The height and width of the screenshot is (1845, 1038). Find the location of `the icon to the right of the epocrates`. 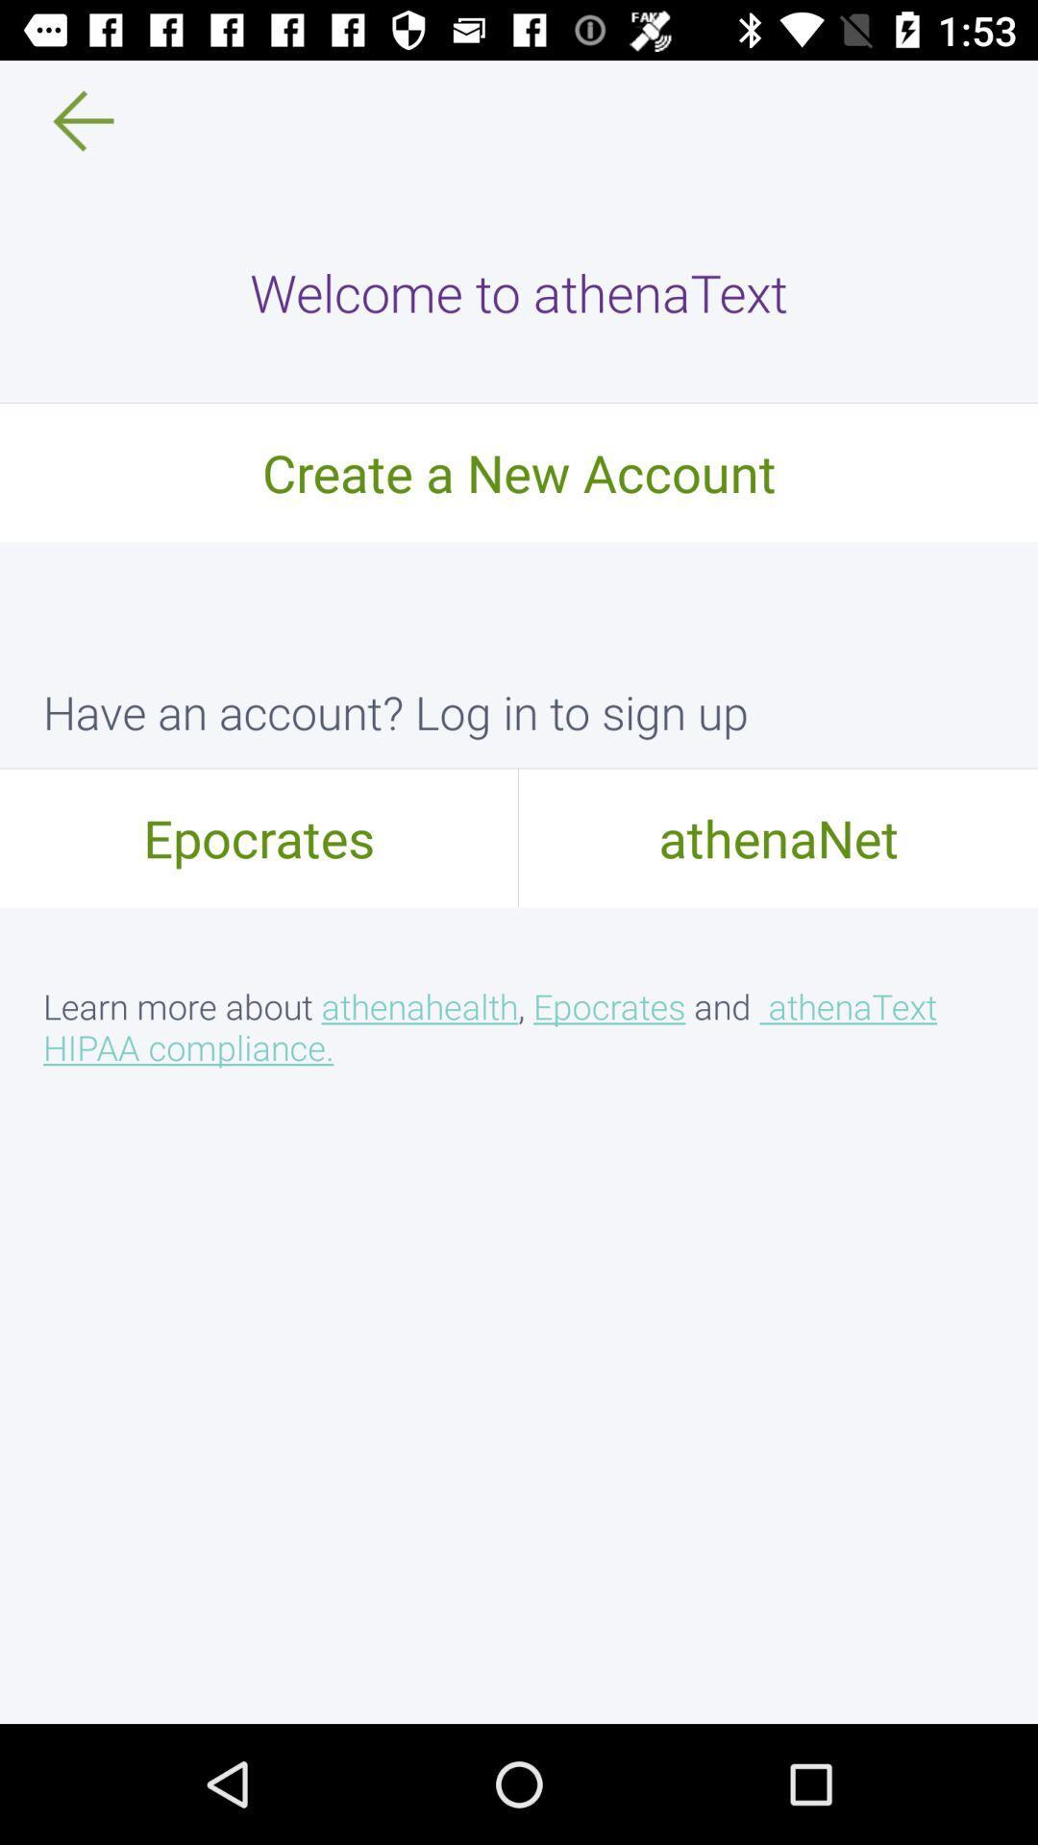

the icon to the right of the epocrates is located at coordinates (778, 837).